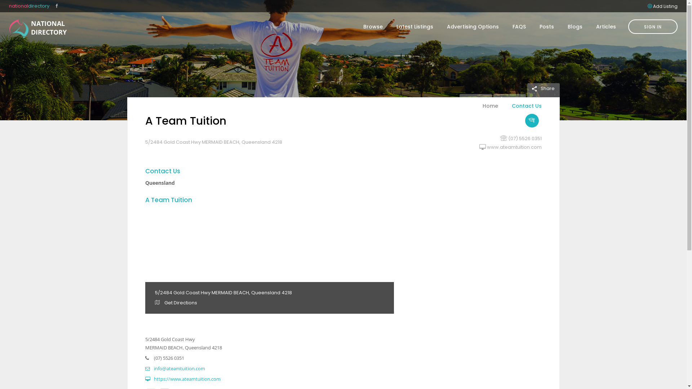 The width and height of the screenshot is (692, 389). Describe the element at coordinates (373, 26) in the screenshot. I see `'Browse'` at that location.